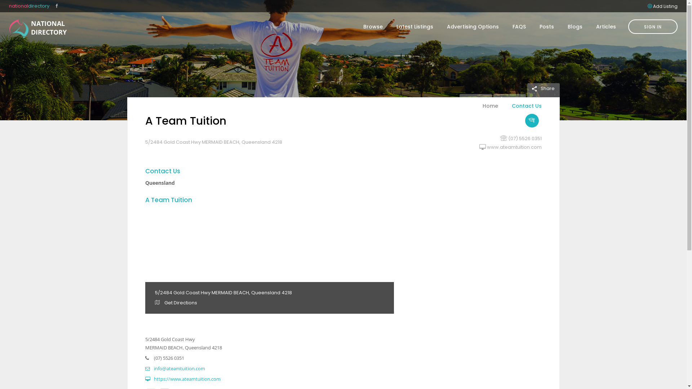 The width and height of the screenshot is (692, 389). Describe the element at coordinates (373, 26) in the screenshot. I see `'Browse'` at that location.